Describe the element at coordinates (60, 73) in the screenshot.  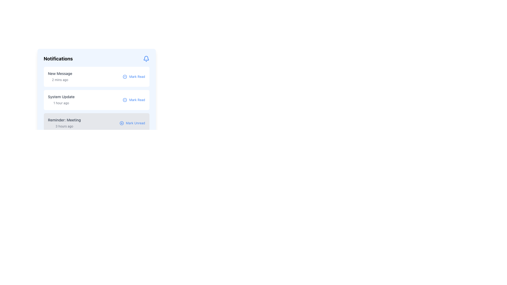
I see `the 'New Message' text label located at the top of the first notification item in the notification area` at that location.